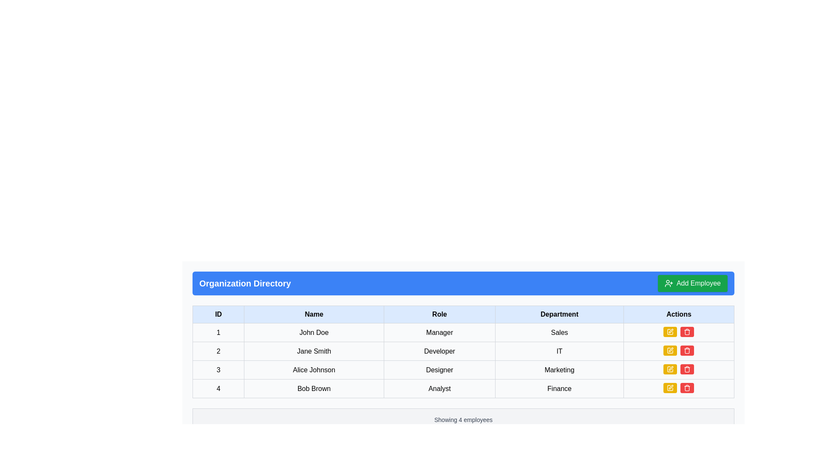 Image resolution: width=816 pixels, height=459 pixels. What do you see at coordinates (439, 314) in the screenshot?
I see `the 'Role' header in the table, which is the third column header with a bold text on a light blue background` at bounding box center [439, 314].